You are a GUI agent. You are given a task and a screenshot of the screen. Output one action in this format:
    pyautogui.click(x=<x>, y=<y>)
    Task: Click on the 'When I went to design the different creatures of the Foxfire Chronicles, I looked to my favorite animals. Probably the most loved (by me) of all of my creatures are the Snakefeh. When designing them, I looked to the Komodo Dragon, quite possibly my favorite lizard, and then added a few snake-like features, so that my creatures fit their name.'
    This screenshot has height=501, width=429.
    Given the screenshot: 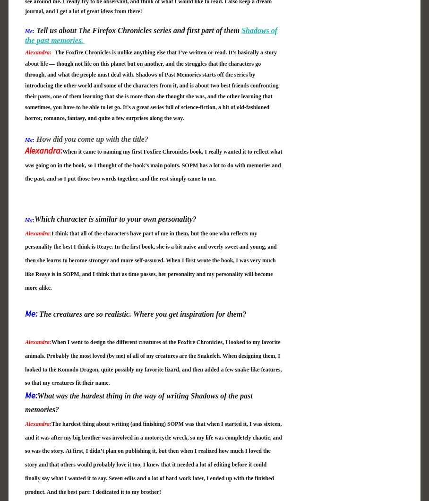 What is the action you would take?
    pyautogui.click(x=153, y=362)
    